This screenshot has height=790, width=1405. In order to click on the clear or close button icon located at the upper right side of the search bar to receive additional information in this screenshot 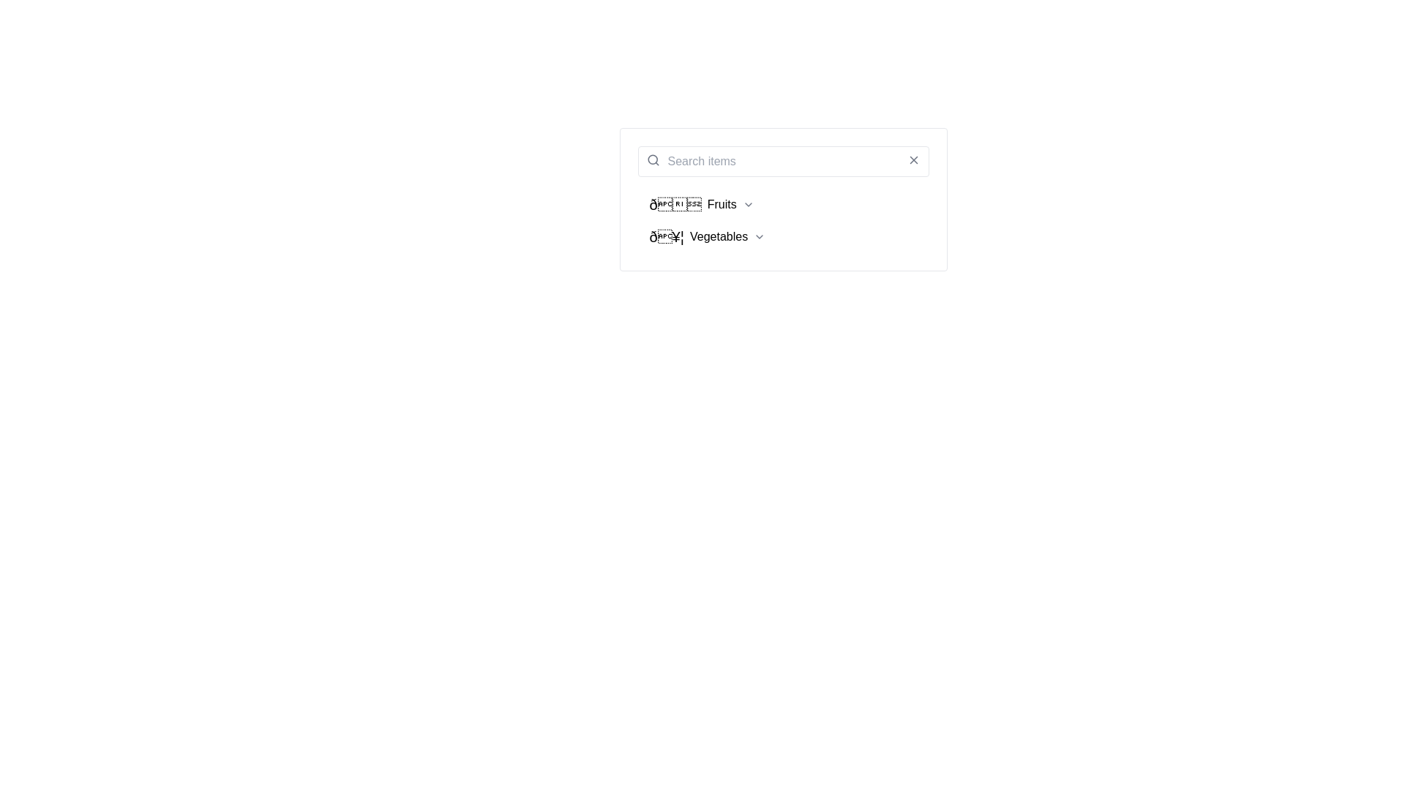, I will do `click(913, 160)`.